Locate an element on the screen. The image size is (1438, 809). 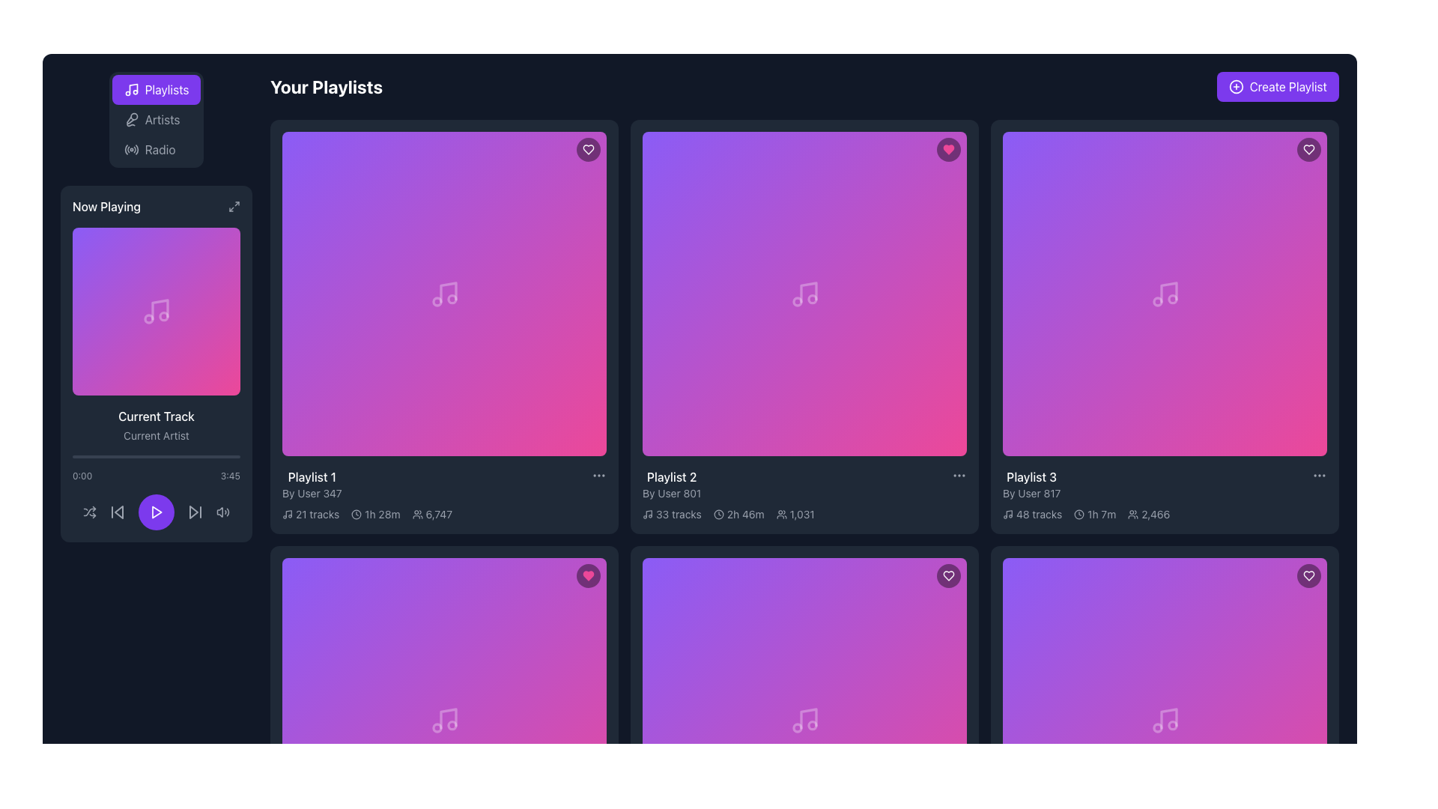
the clock icon representing the playlist duration for 'Playlist 1', located in the metadata row below the playlist title, next to the '1h 28m' text is located at coordinates (356, 513).